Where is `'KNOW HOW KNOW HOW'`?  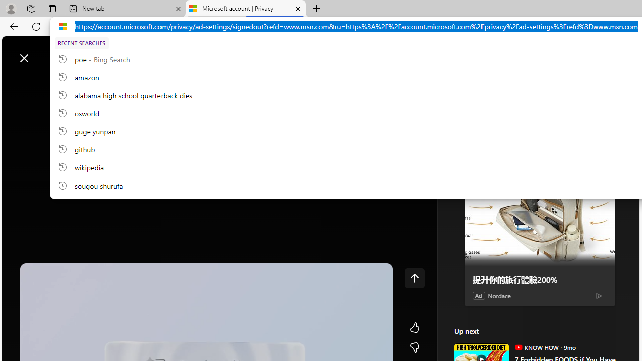 'KNOW HOW KNOW HOW' is located at coordinates (536, 346).